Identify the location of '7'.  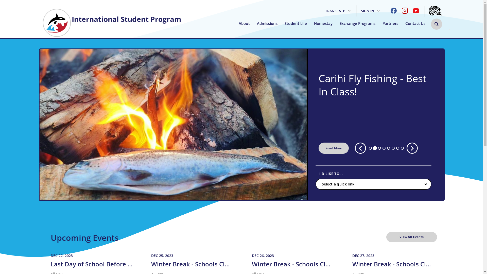
(397, 148).